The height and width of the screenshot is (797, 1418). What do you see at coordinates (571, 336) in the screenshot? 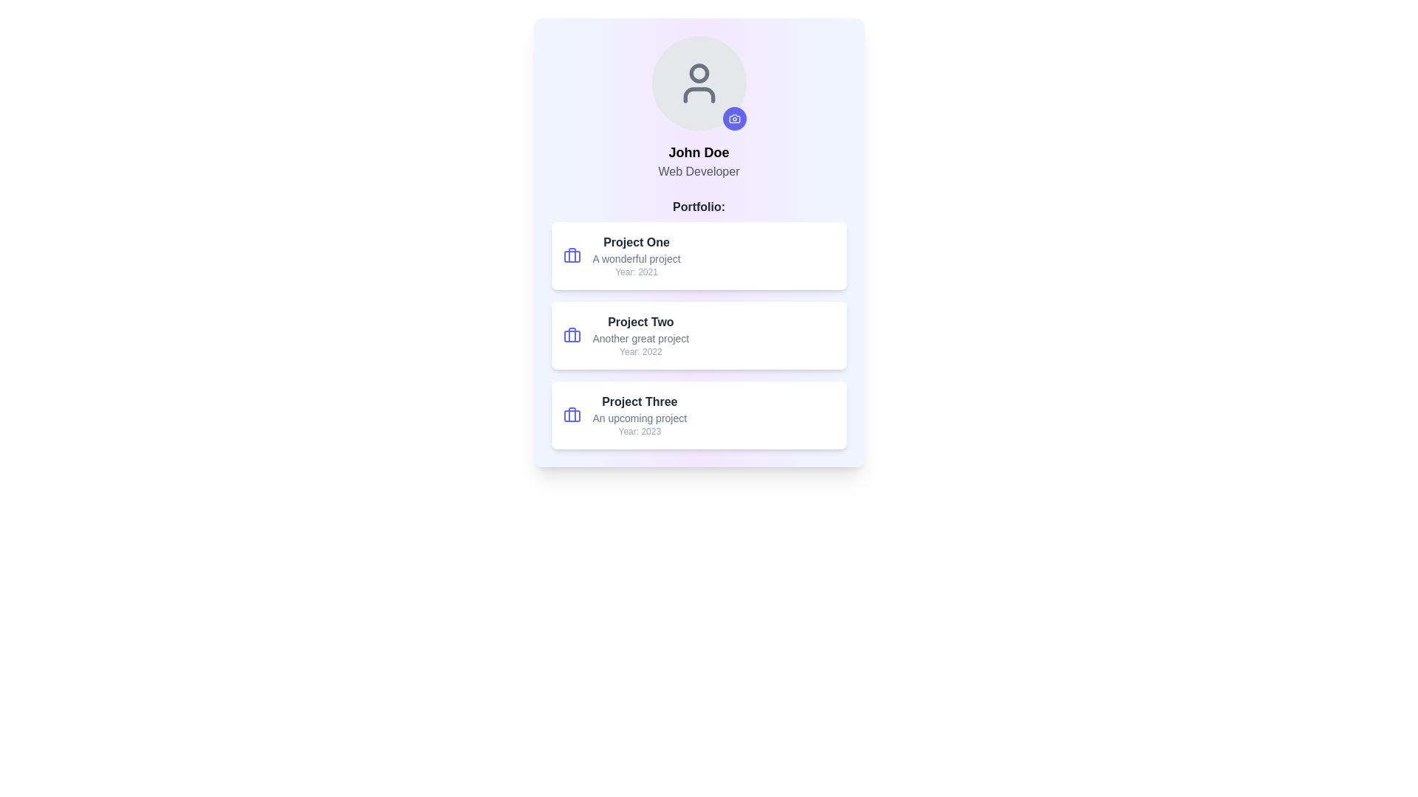
I see `the graphical background of the briefcase icon associated with 'Project Two', which is the second item in the portfolio list` at bounding box center [571, 336].